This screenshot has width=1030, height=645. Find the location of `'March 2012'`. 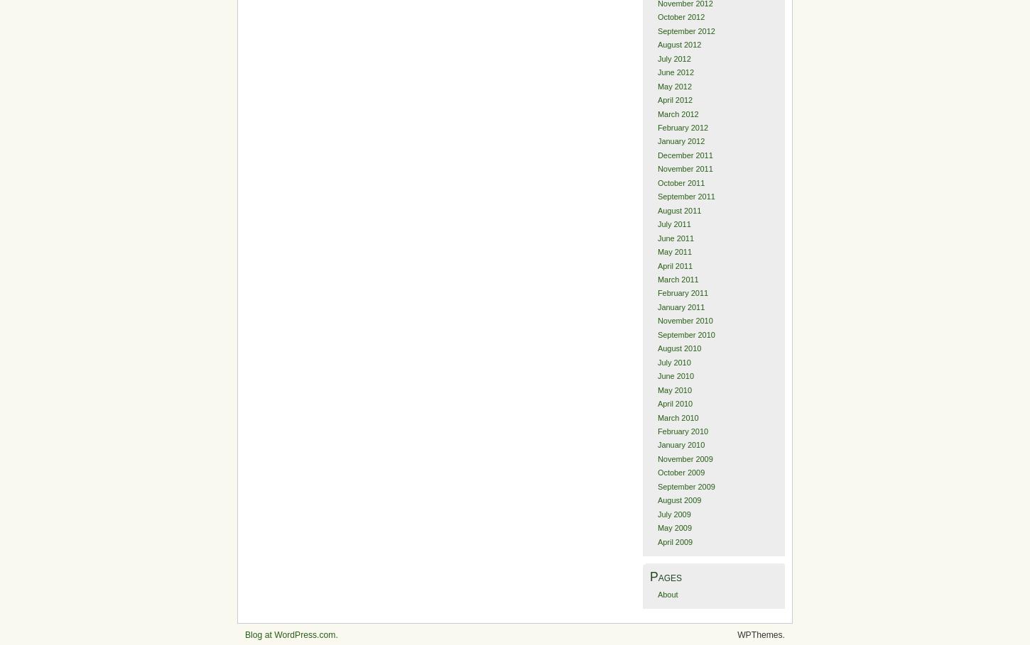

'March 2012' is located at coordinates (676, 112).